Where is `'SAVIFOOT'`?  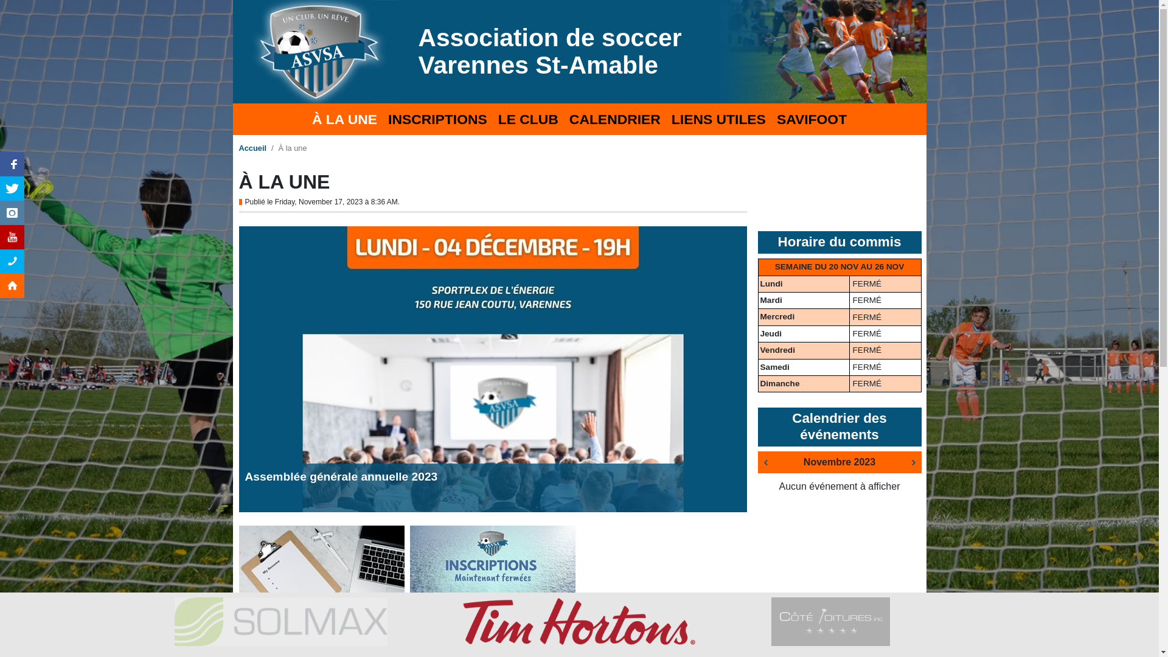
'SAVIFOOT' is located at coordinates (812, 119).